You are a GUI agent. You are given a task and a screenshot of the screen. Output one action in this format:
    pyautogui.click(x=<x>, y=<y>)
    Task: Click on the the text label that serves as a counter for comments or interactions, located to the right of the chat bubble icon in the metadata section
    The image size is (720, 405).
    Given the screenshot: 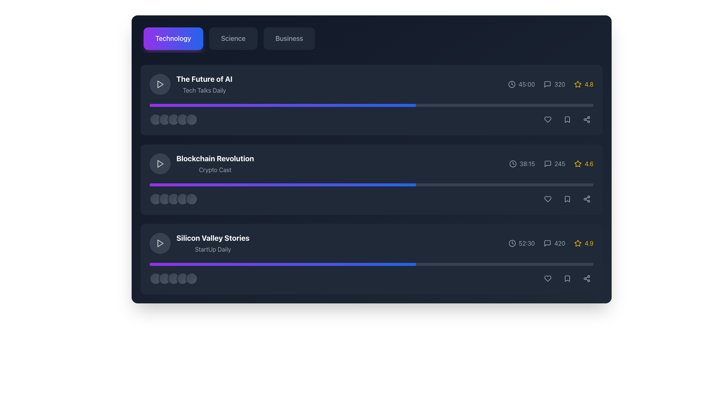 What is the action you would take?
    pyautogui.click(x=554, y=84)
    